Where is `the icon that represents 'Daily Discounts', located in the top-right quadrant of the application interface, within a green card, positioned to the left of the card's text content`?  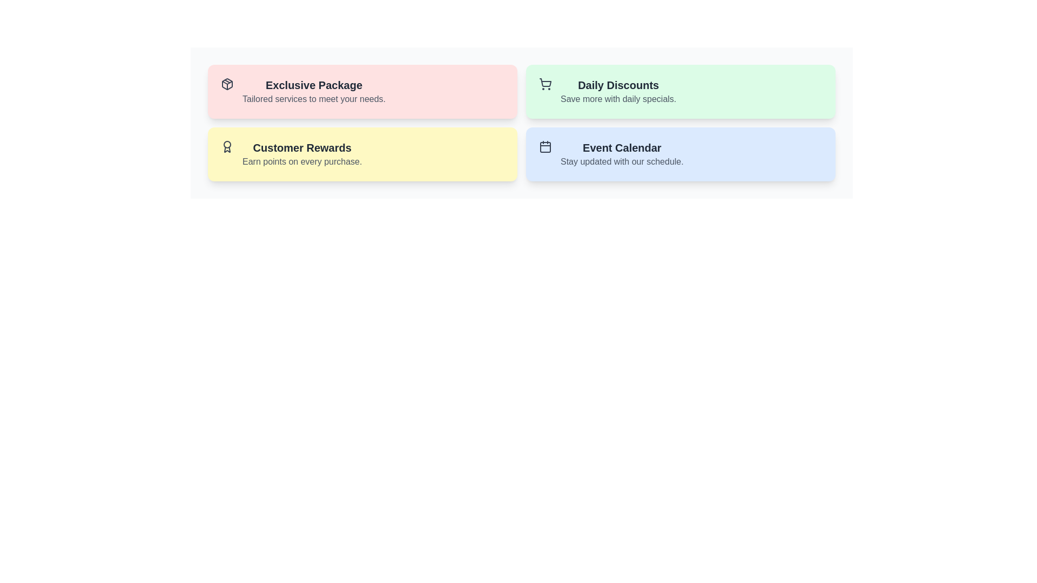 the icon that represents 'Daily Discounts', located in the top-right quadrant of the application interface, within a green card, positioned to the left of the card's text content is located at coordinates (546, 82).